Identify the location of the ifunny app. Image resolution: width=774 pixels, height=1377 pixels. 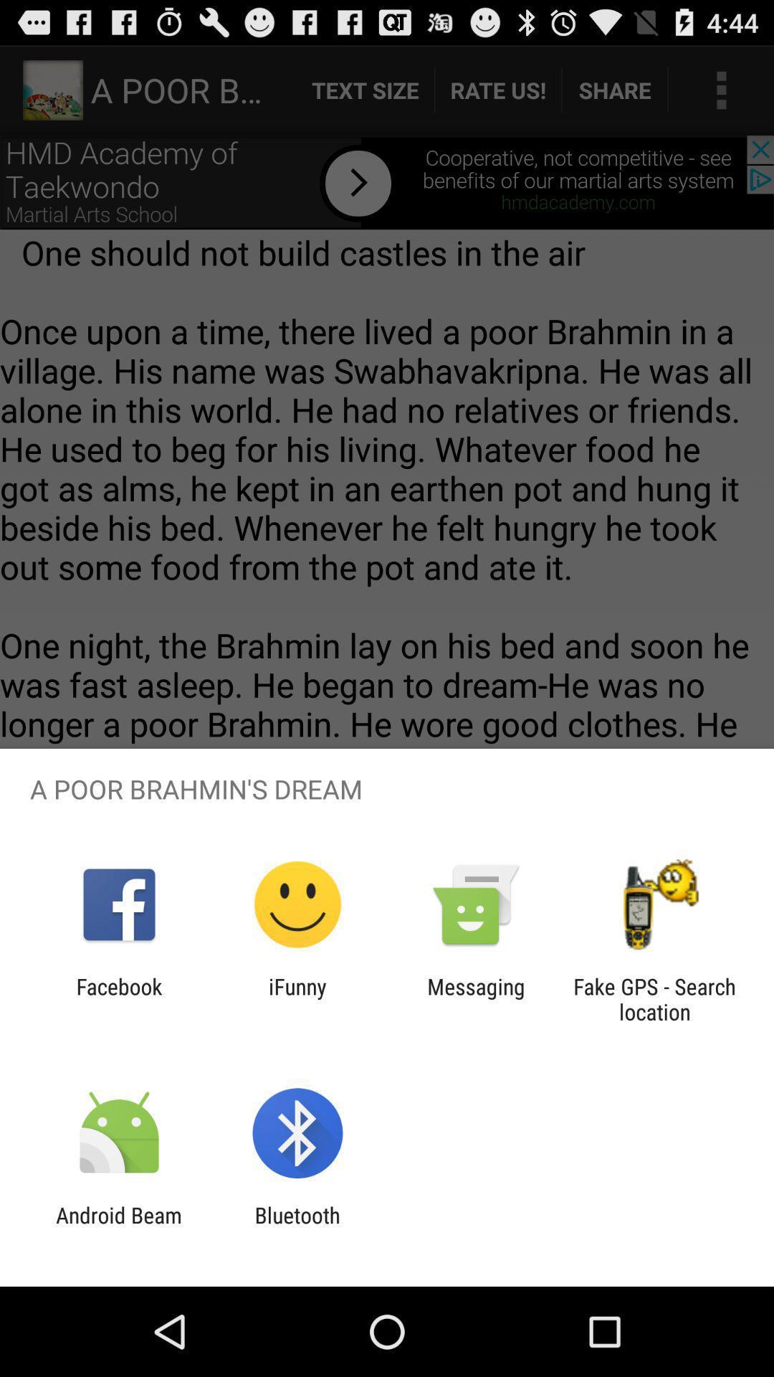
(297, 998).